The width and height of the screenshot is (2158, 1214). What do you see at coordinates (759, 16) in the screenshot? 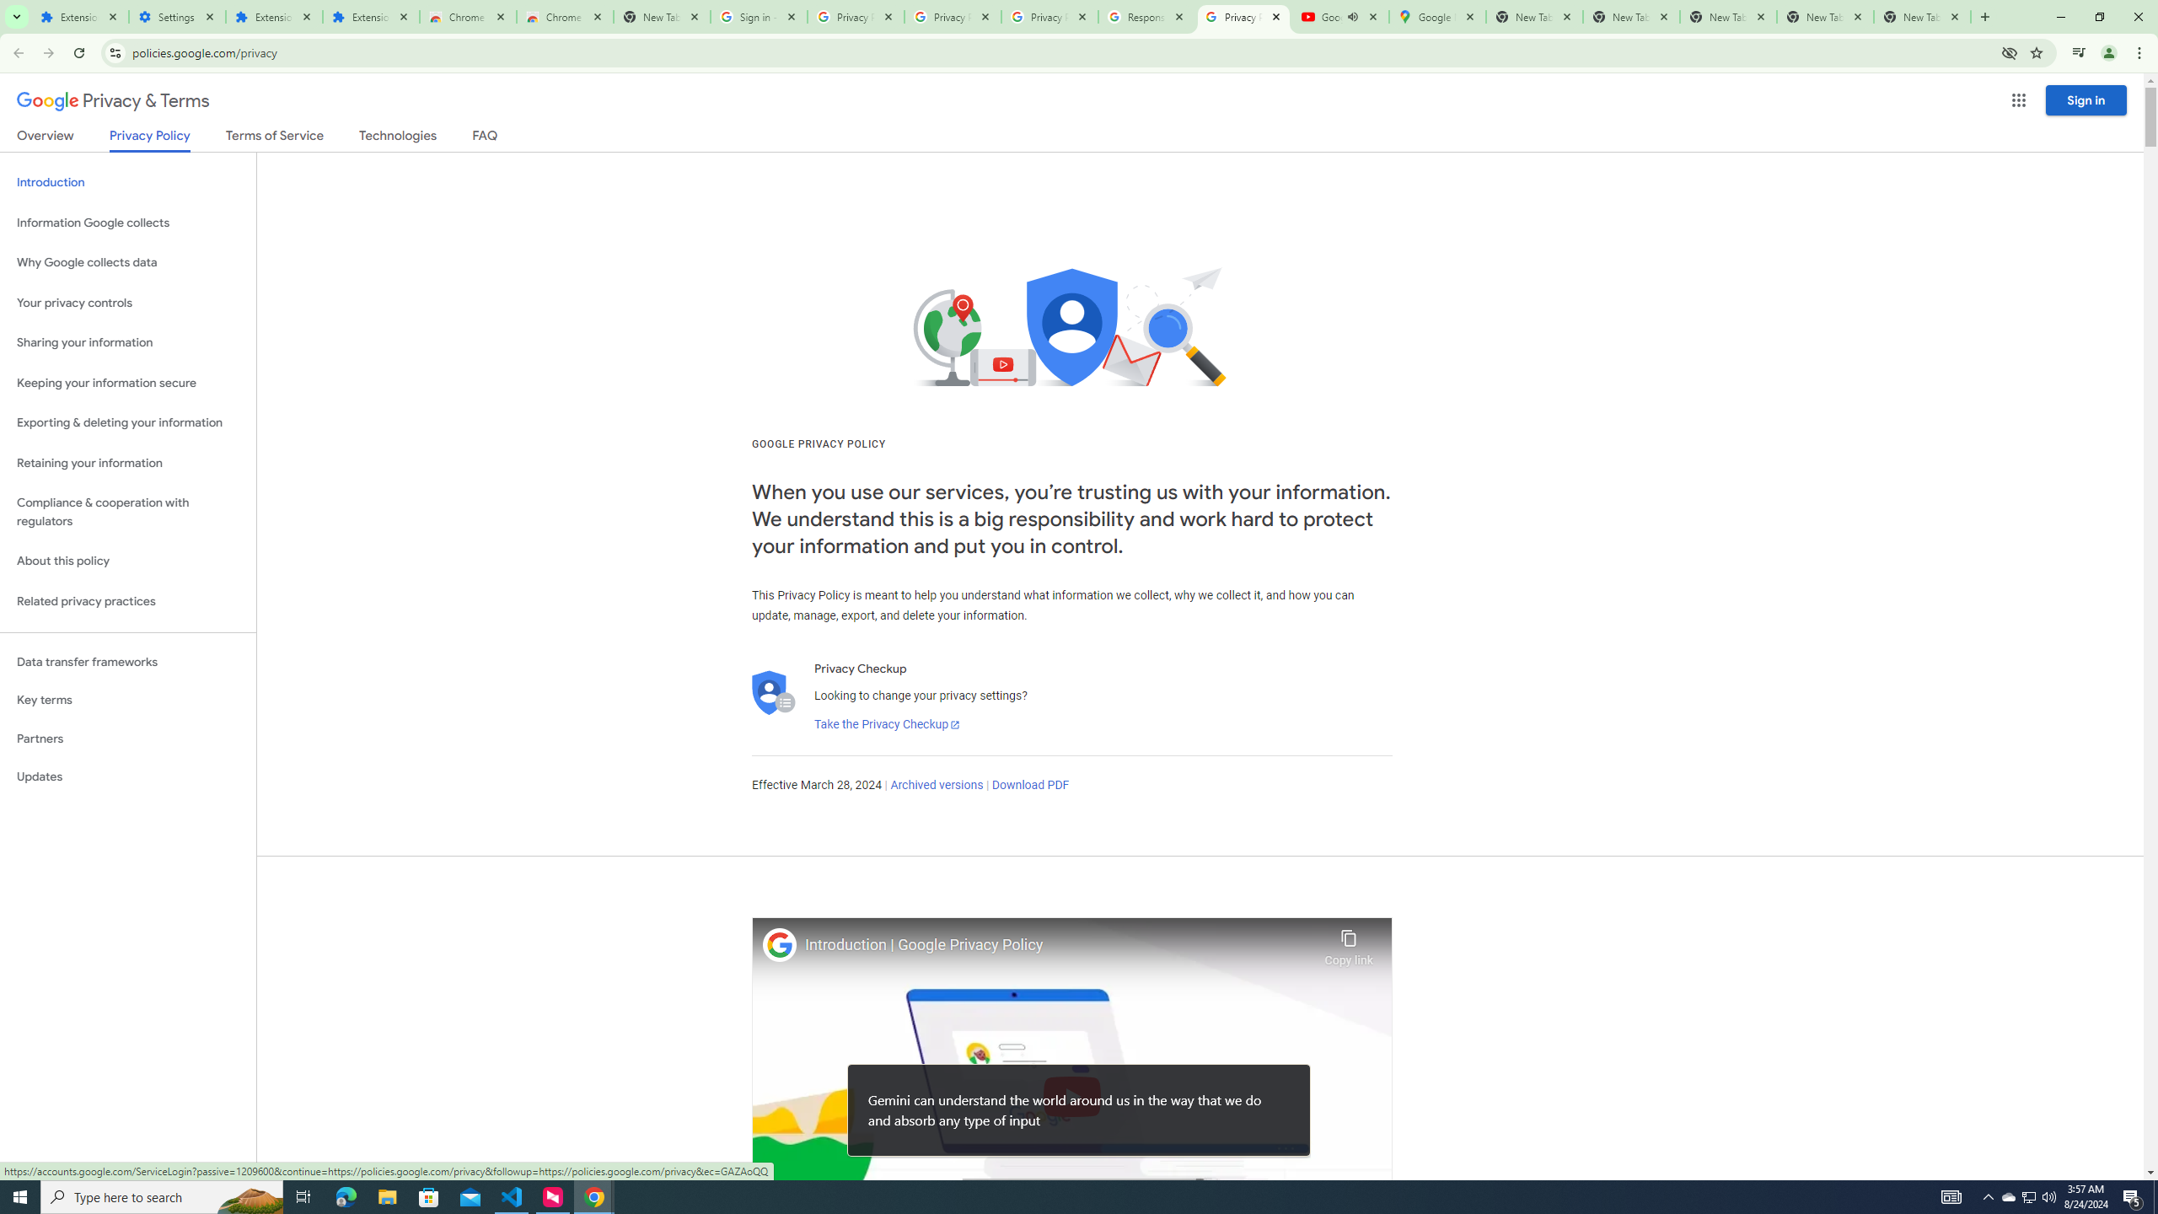
I see `'Sign in - Google Accounts'` at bounding box center [759, 16].